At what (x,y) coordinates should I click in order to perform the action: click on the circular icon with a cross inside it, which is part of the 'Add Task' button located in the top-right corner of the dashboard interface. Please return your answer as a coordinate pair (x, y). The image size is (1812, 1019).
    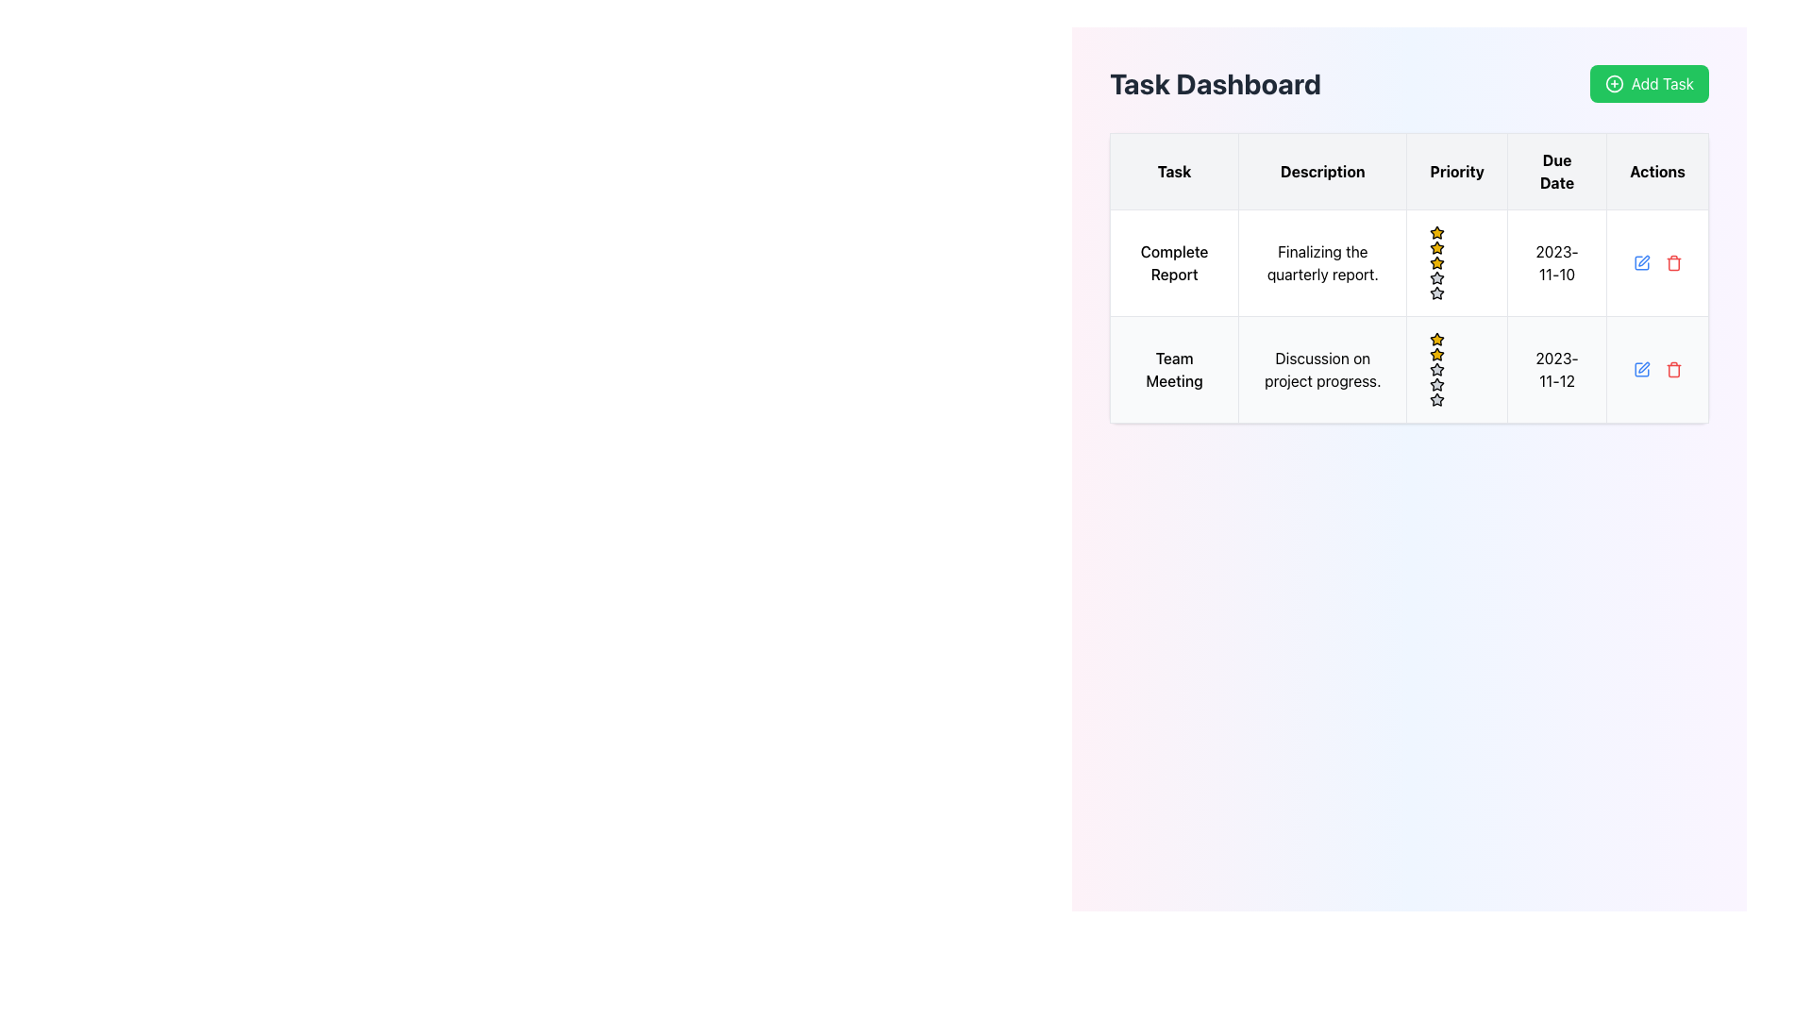
    Looking at the image, I should click on (1613, 82).